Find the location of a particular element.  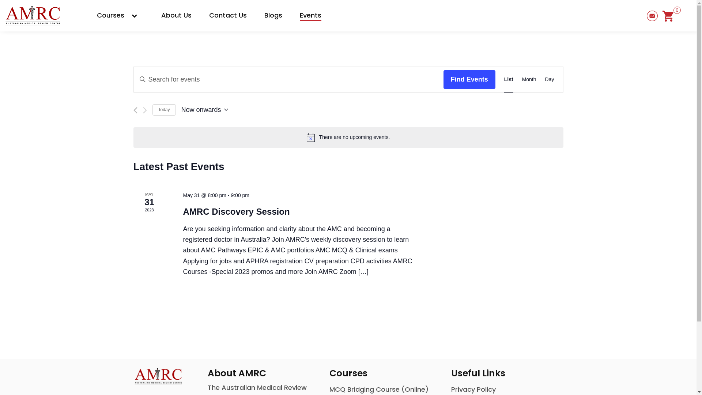

'Today' is located at coordinates (163, 110).